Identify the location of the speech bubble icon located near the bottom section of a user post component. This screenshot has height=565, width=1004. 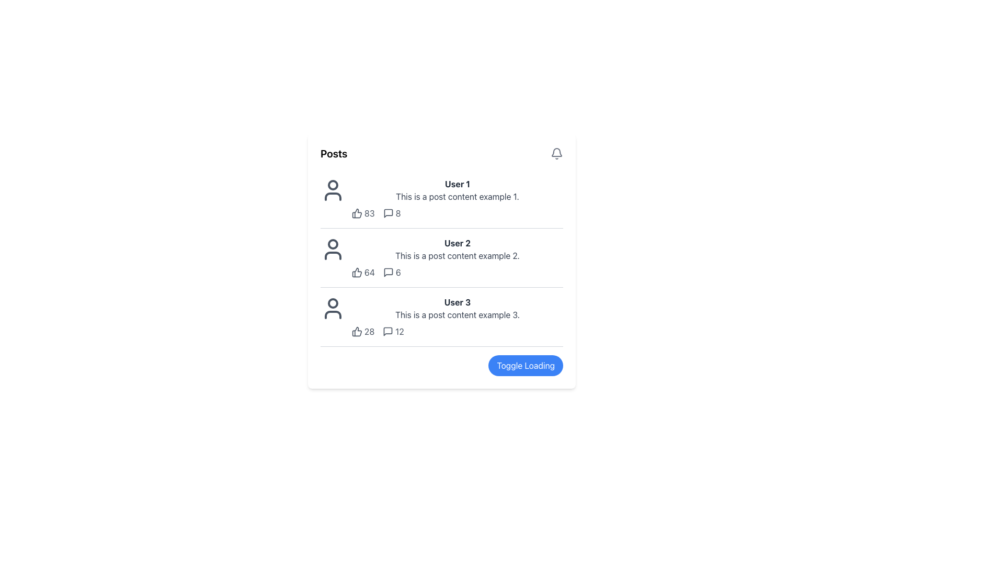
(387, 331).